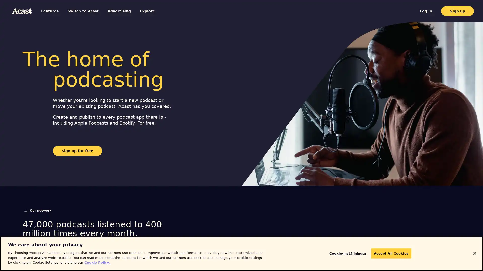 The width and height of the screenshot is (483, 271). I want to click on Cookie-installningar, so click(350, 253).